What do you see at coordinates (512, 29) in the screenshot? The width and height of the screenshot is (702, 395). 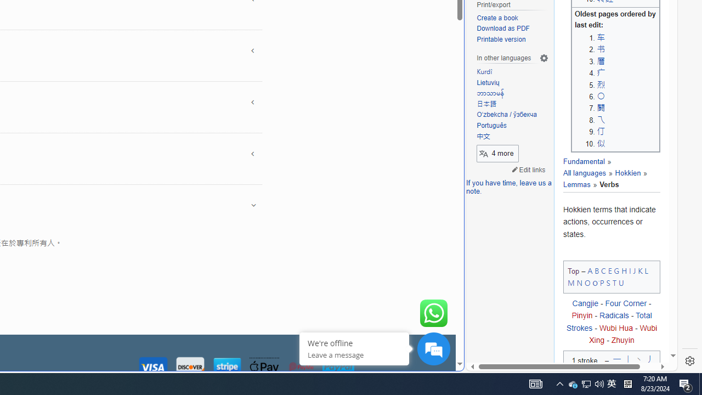 I see `'Download as PDF'` at bounding box center [512, 29].